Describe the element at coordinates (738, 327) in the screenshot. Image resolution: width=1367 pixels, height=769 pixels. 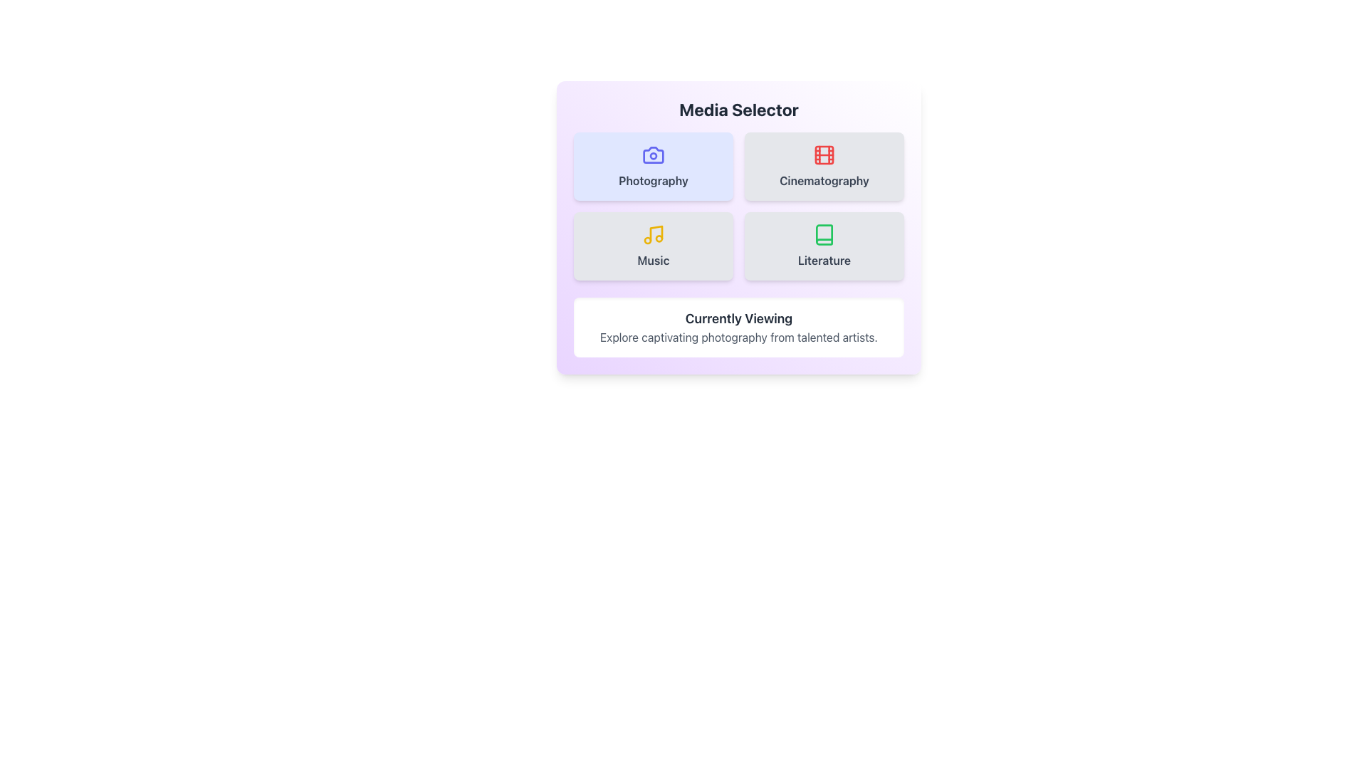
I see `the Informational Text Block that displays 'Currently Viewing' and additional information, located at the bottom of the 'Media Selector' section` at that location.